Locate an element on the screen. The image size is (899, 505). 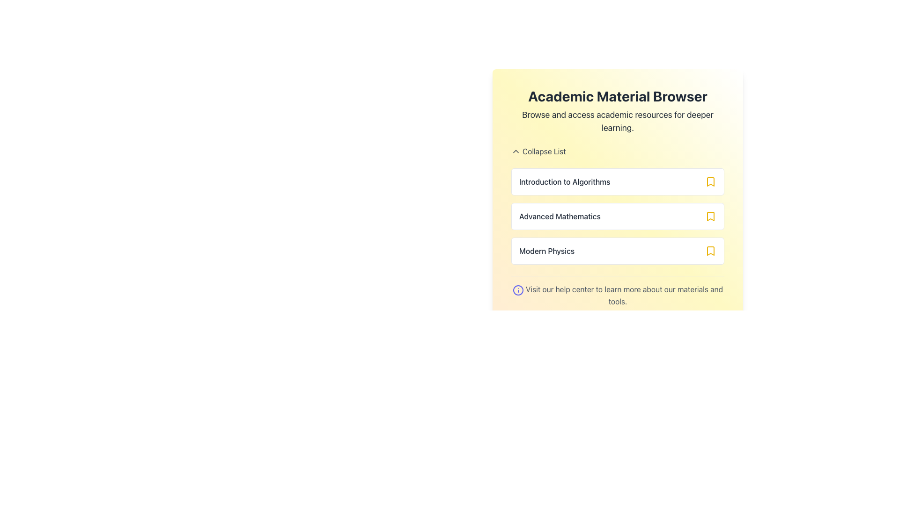
the circular information icon element, which is styled in blue and located at the lower section of the interface, near the help center prompt is located at coordinates (517, 289).